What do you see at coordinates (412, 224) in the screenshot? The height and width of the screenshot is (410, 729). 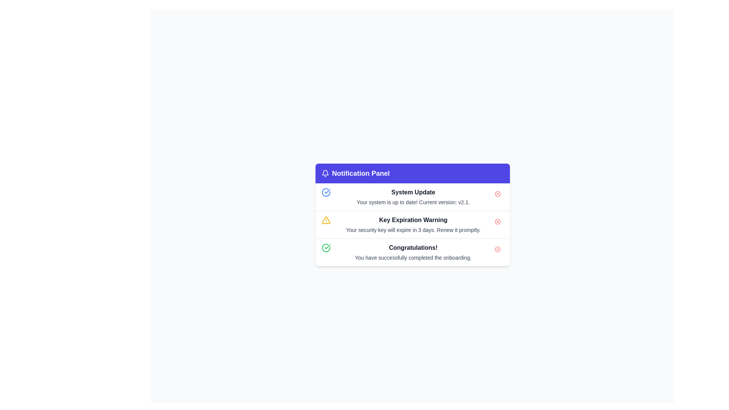 I see `text in the notification titled 'Key Expiration Warning' which contains a warning icon on the left and a close button on the right` at bounding box center [412, 224].